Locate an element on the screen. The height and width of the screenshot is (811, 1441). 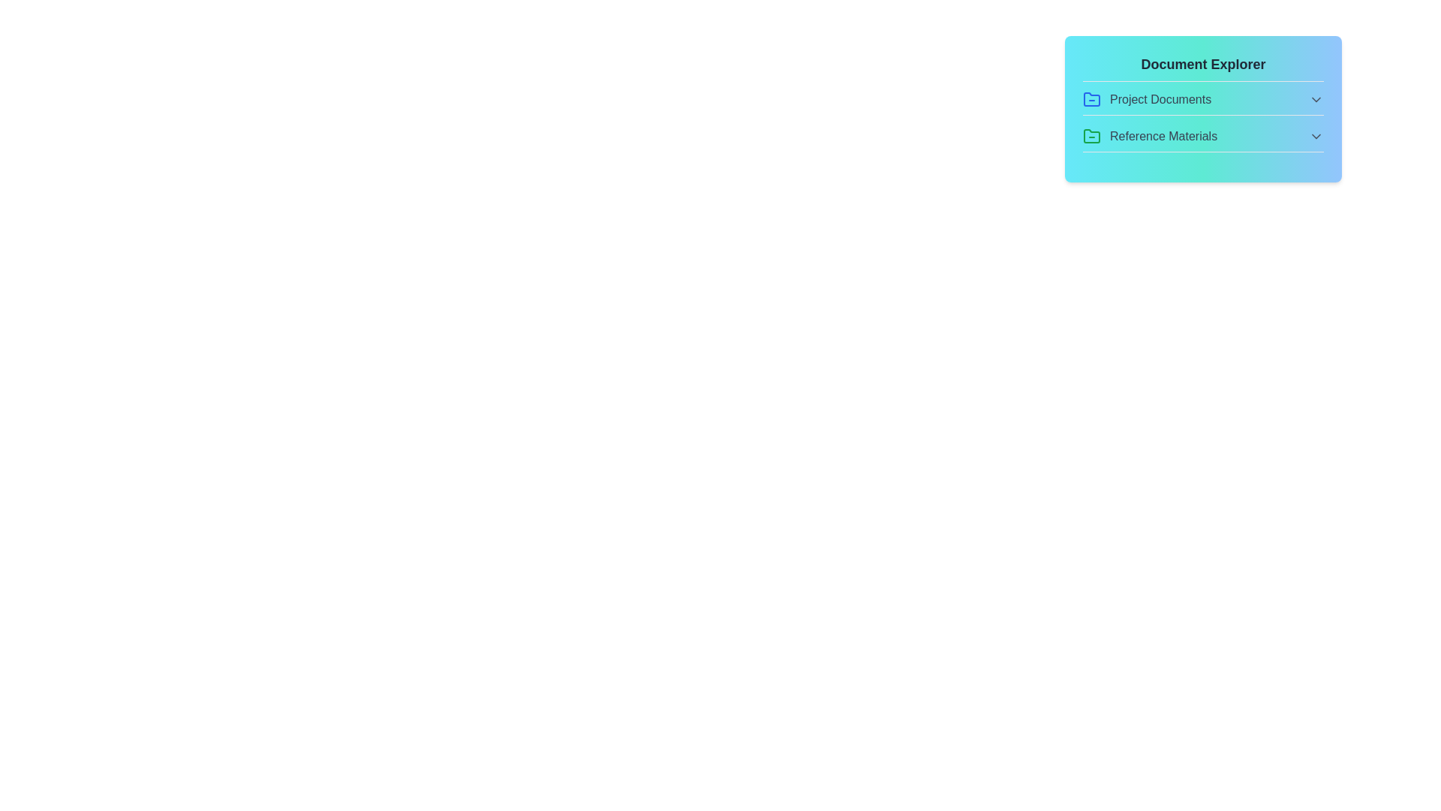
the file API_Guidelines.pdf from the section Project Documents is located at coordinates (1203, 102).